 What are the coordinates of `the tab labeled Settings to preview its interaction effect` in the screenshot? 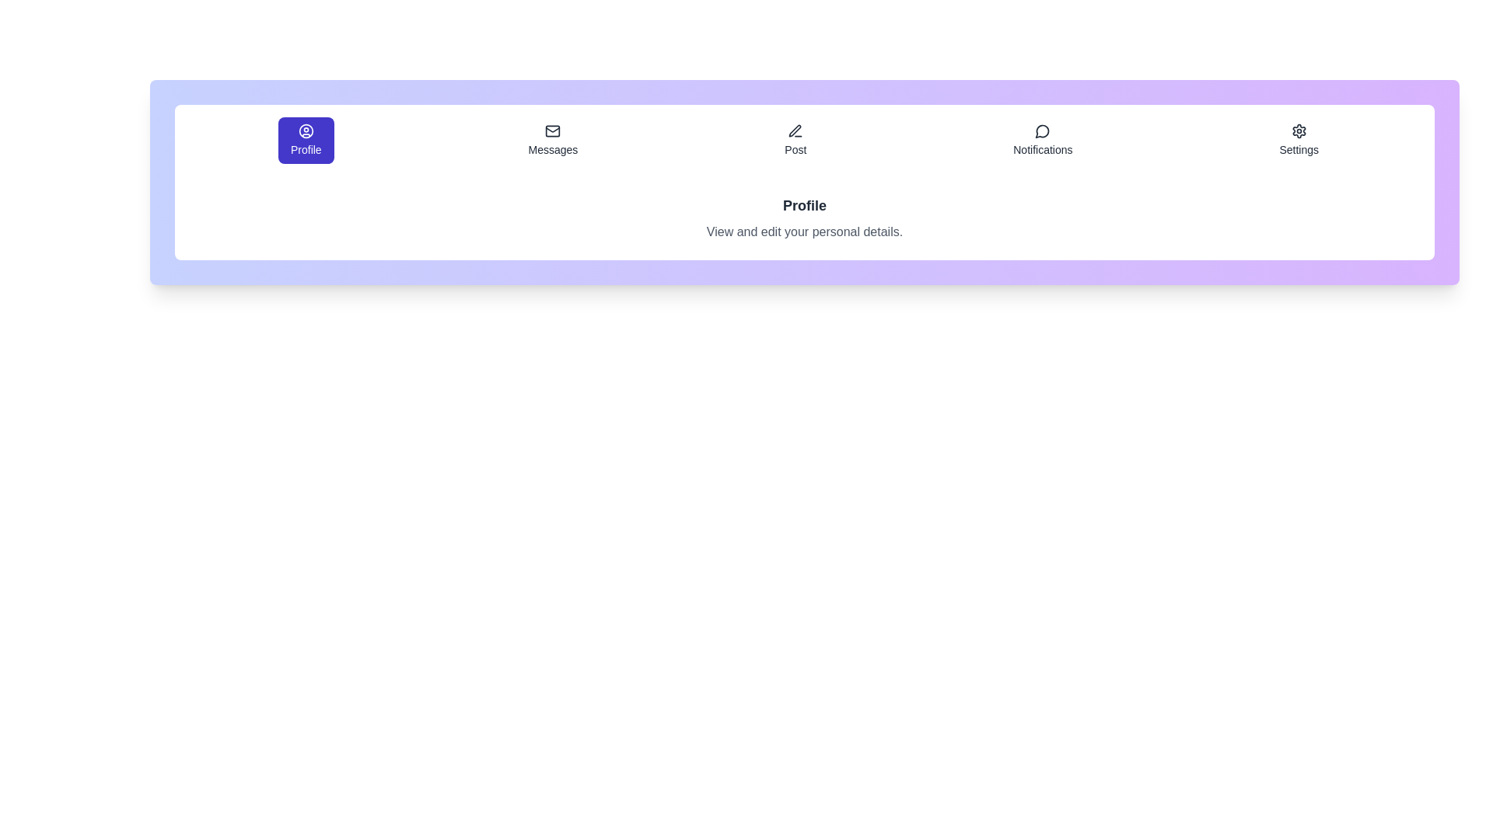 It's located at (1299, 141).